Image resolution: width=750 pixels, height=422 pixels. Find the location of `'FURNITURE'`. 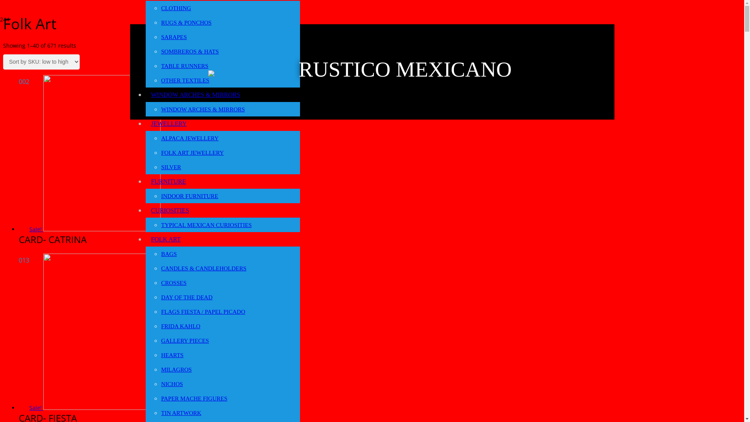

'FURNITURE' is located at coordinates (168, 181).